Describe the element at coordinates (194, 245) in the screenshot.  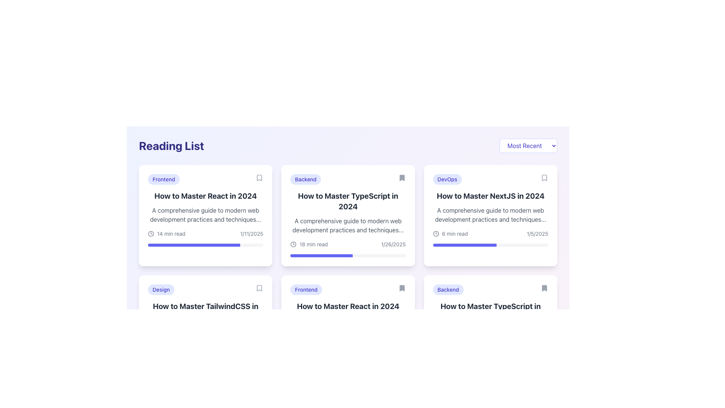
I see `the progress bar located at the bottom of the top-left card in the 'Reading List' section, which is styled with rounded edges and has an indigo filled portion` at that location.